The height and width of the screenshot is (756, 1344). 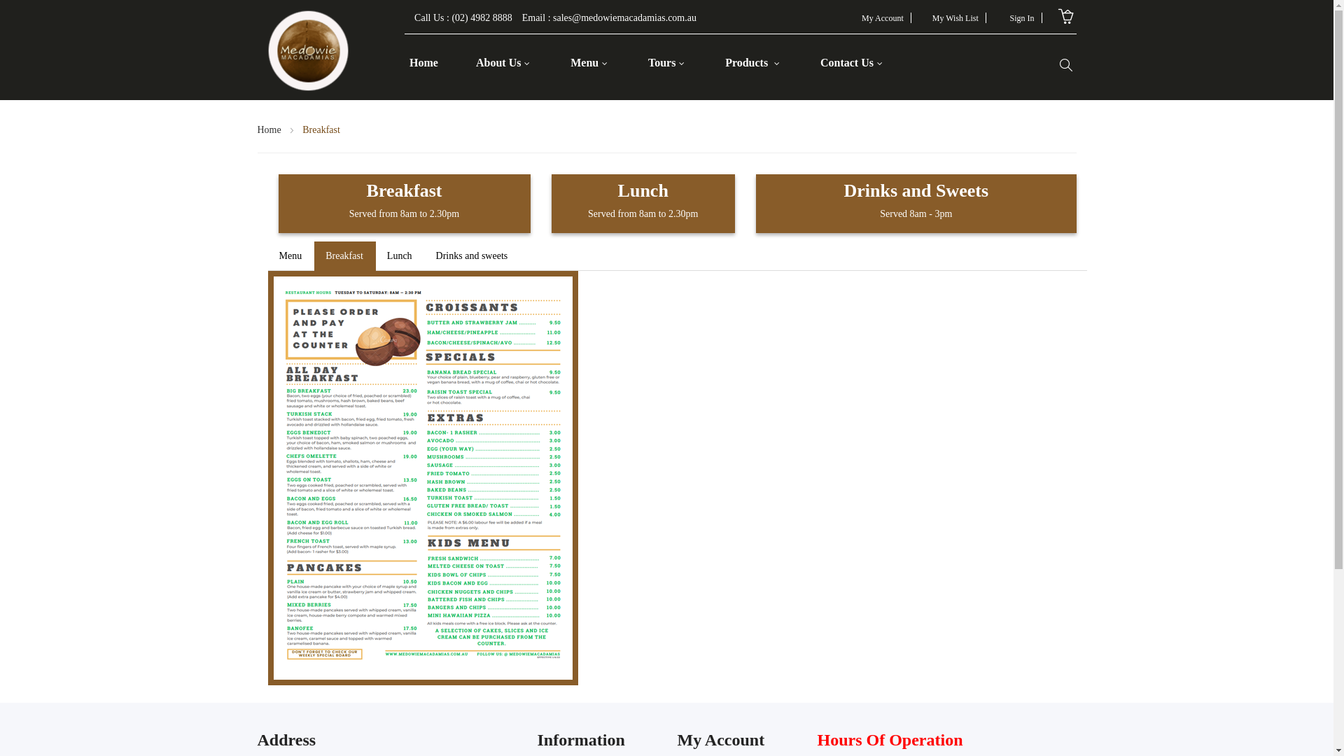 What do you see at coordinates (267, 256) in the screenshot?
I see `'Menu'` at bounding box center [267, 256].